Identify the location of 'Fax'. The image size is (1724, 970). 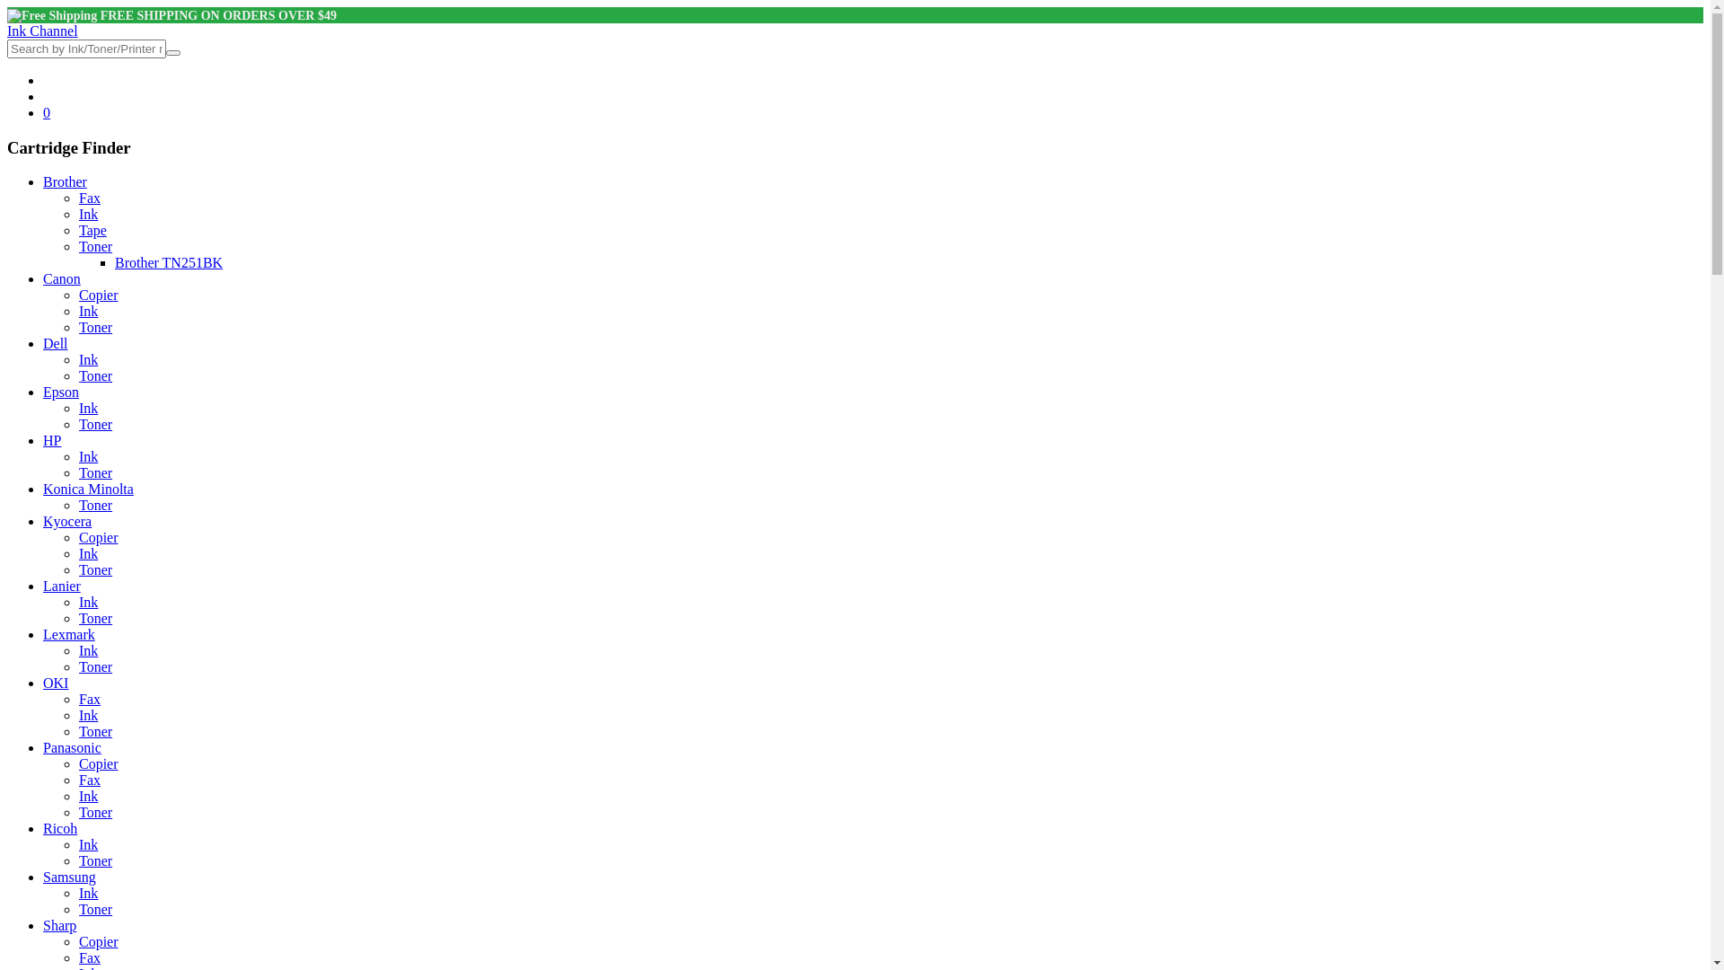
(77, 198).